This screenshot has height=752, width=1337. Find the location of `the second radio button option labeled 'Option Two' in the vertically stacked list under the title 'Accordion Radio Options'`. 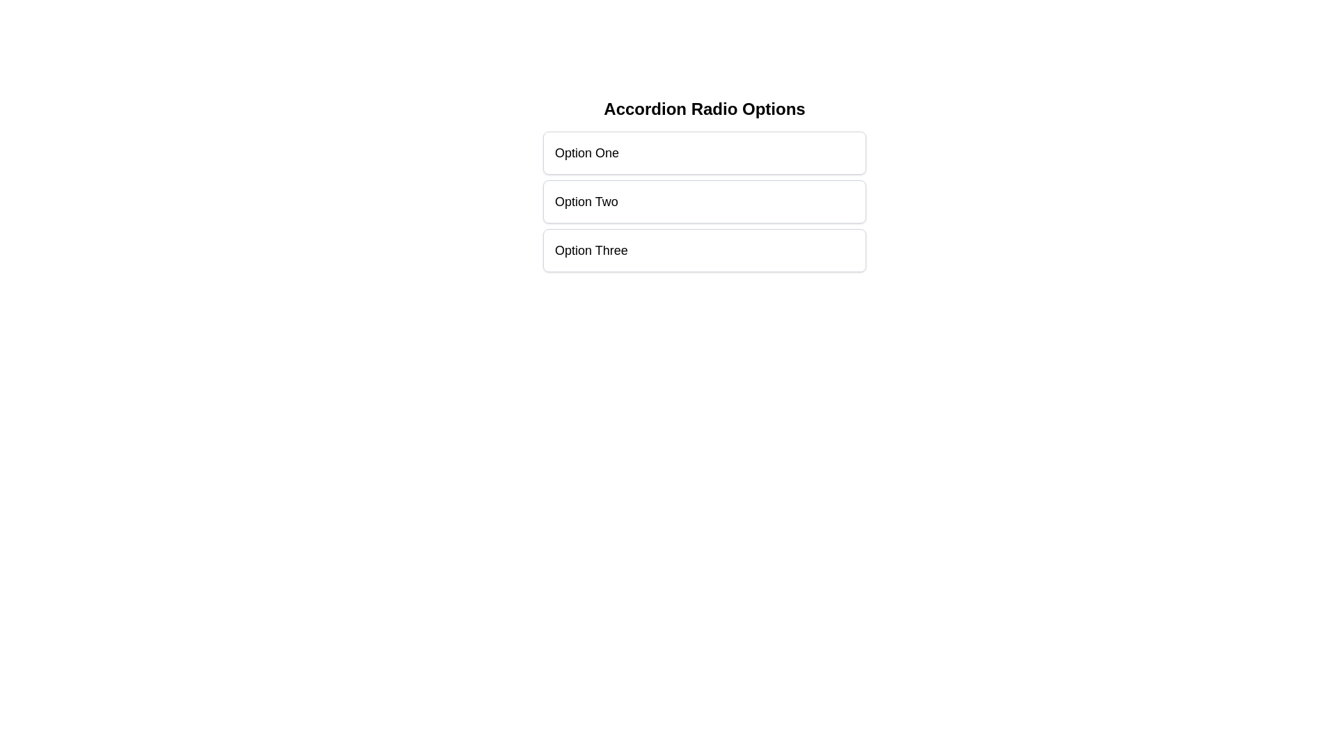

the second radio button option labeled 'Option Two' in the vertically stacked list under the title 'Accordion Radio Options' is located at coordinates (705, 201).